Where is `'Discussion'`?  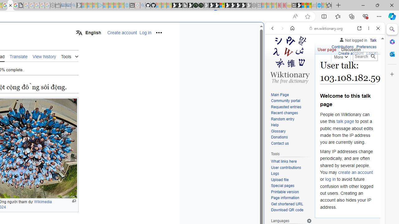
'Discussion' is located at coordinates (351, 48).